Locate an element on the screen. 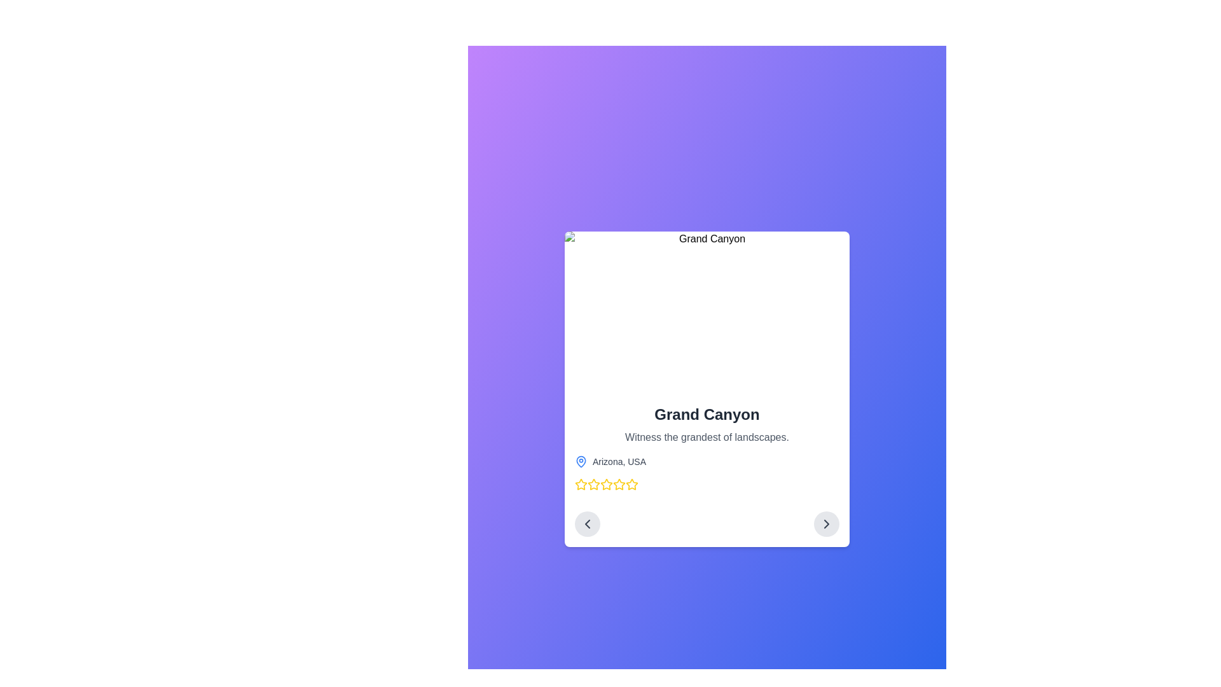 The width and height of the screenshot is (1221, 687). text content of the Text Label titled 'Grand Canyon', which is centrally aligned above the description text within the card interface is located at coordinates (707, 414).